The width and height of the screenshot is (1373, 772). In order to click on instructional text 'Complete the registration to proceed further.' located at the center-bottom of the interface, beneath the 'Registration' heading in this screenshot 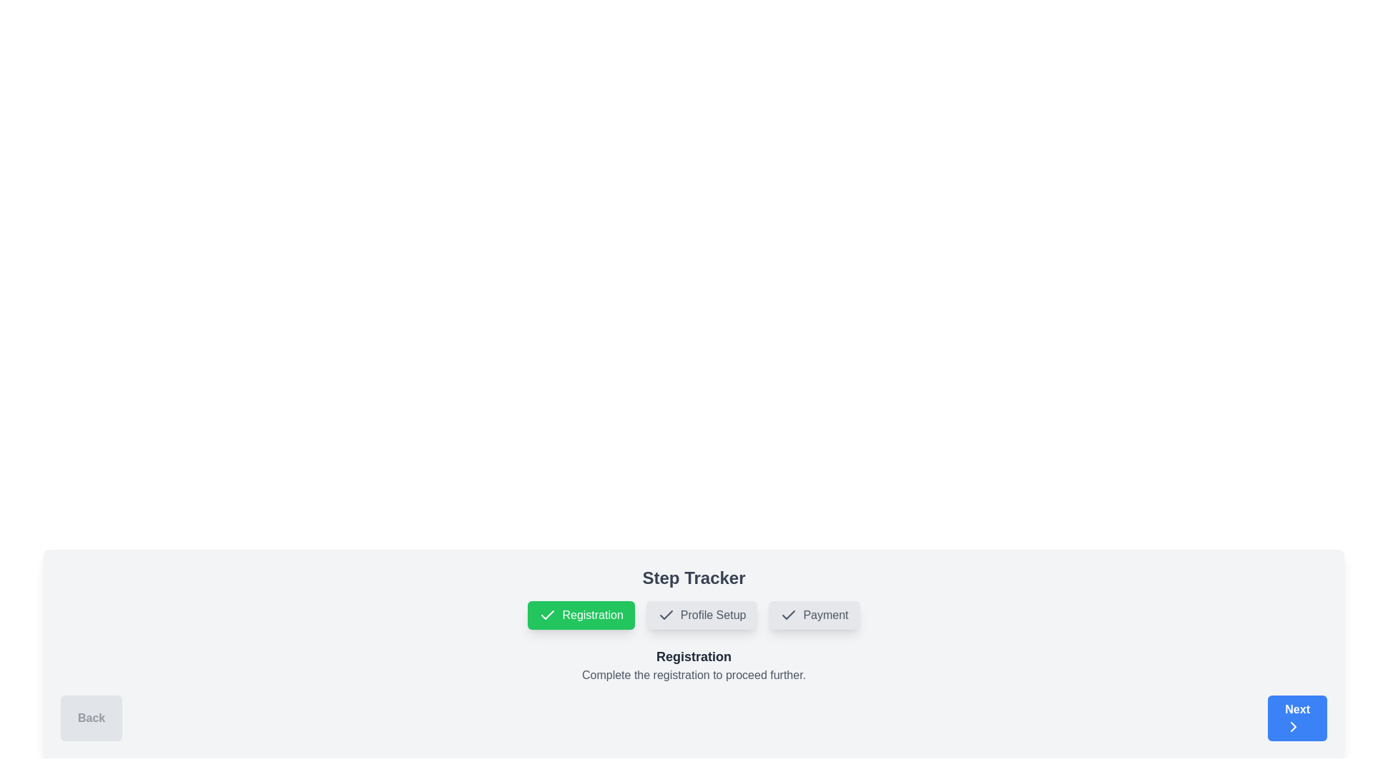, I will do `click(694, 675)`.